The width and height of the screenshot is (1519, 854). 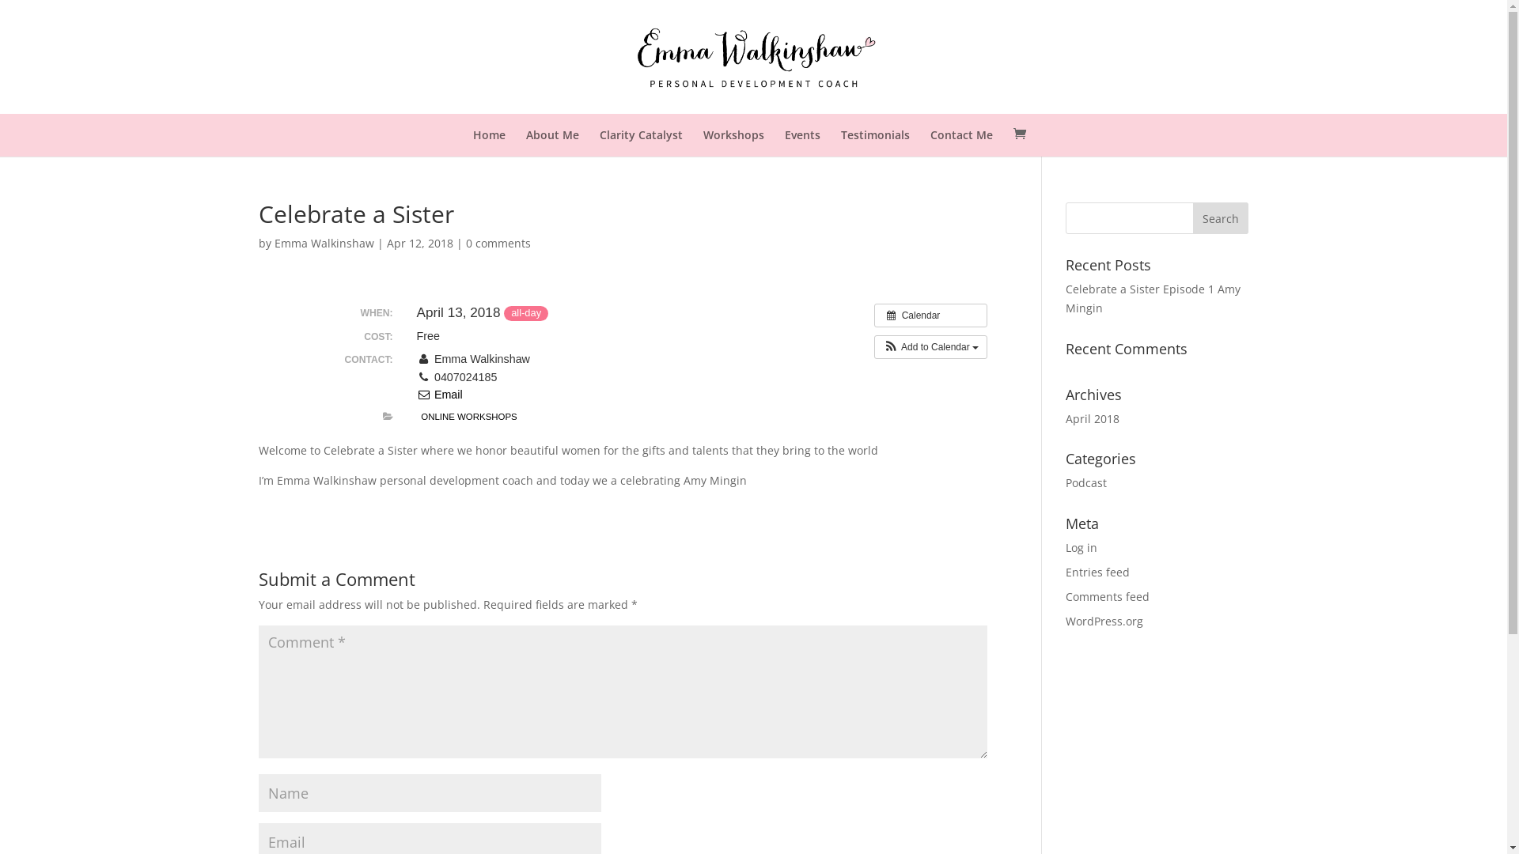 I want to click on 'Comments feed', so click(x=1107, y=596).